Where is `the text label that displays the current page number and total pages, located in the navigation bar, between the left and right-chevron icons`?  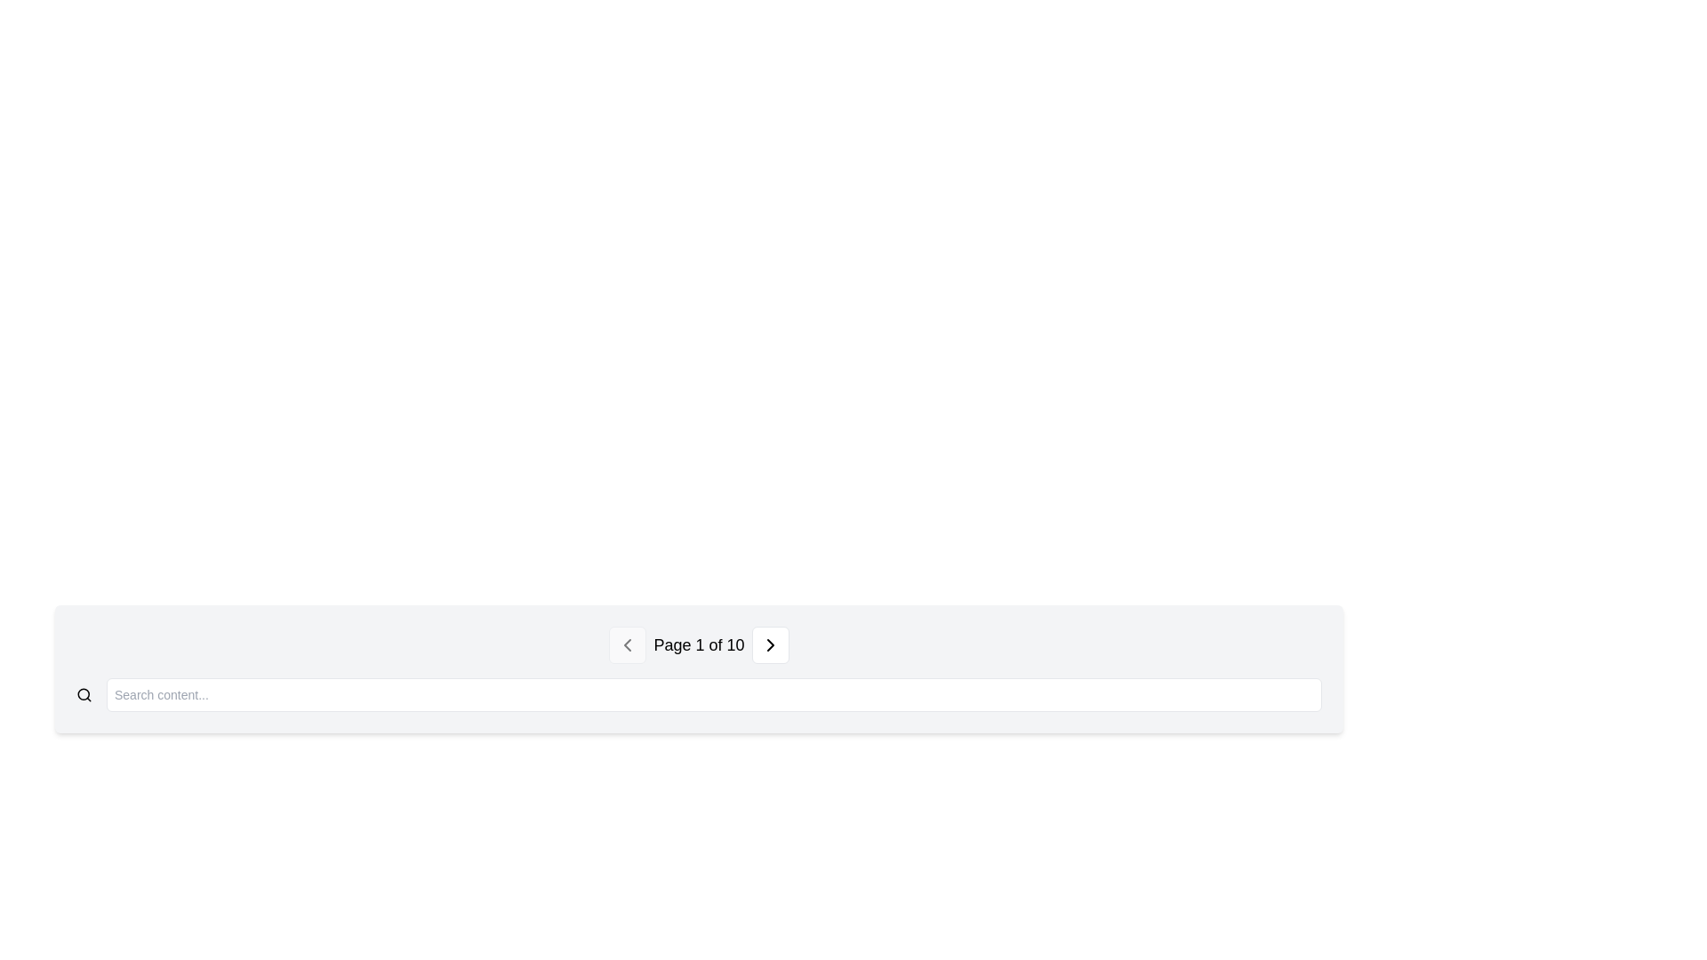
the text label that displays the current page number and total pages, located in the navigation bar, between the left and right-chevron icons is located at coordinates (698, 644).